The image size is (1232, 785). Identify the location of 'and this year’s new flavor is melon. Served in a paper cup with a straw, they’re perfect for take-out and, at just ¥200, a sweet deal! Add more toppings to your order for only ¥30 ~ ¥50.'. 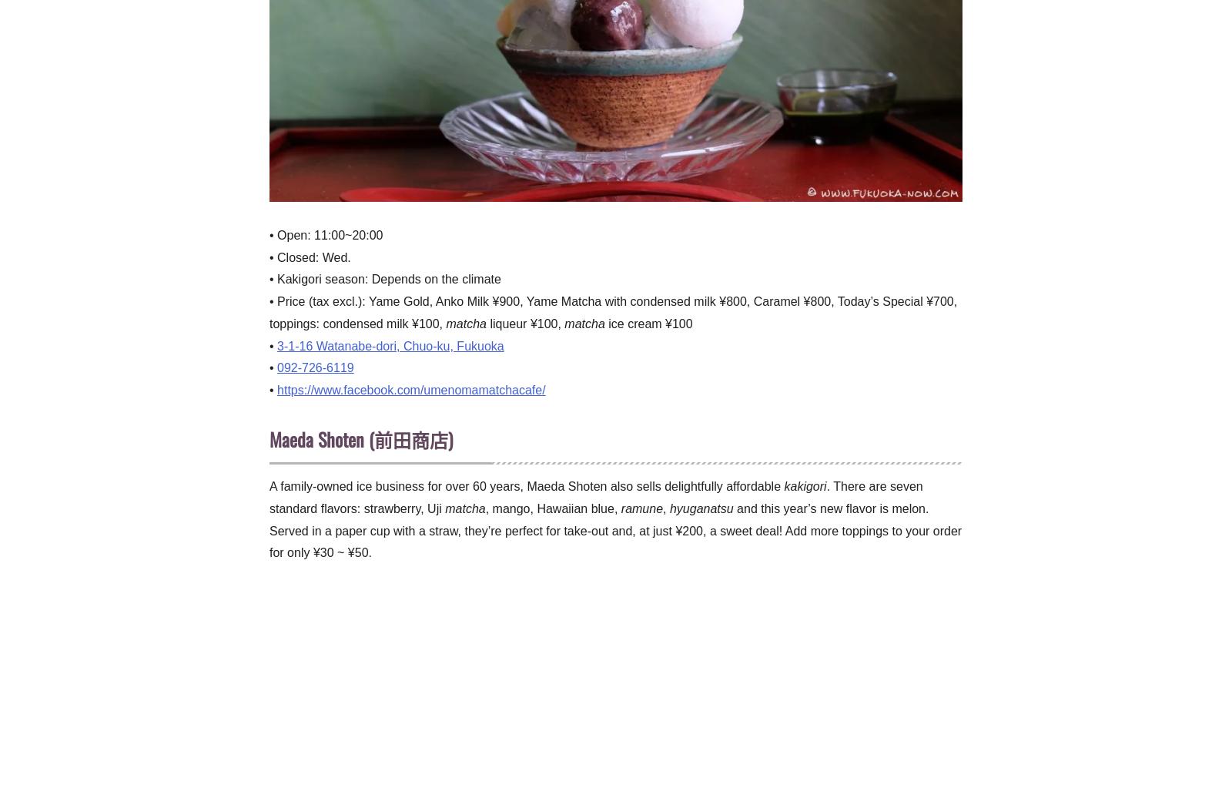
(615, 529).